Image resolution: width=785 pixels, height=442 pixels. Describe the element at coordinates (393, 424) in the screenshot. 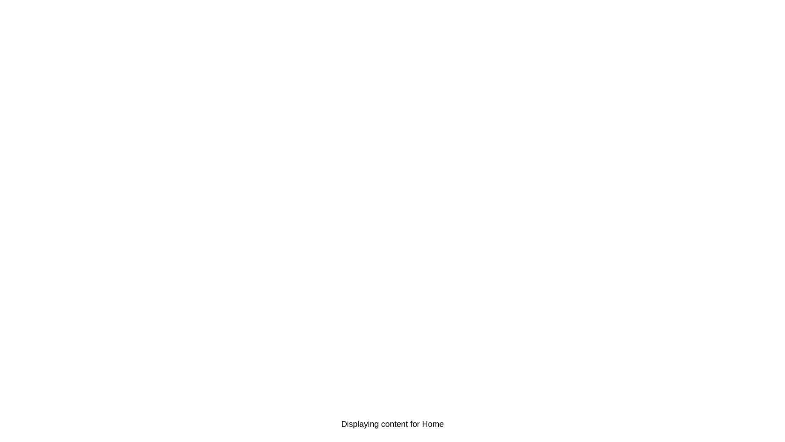

I see `the Camera tab to select it` at that location.